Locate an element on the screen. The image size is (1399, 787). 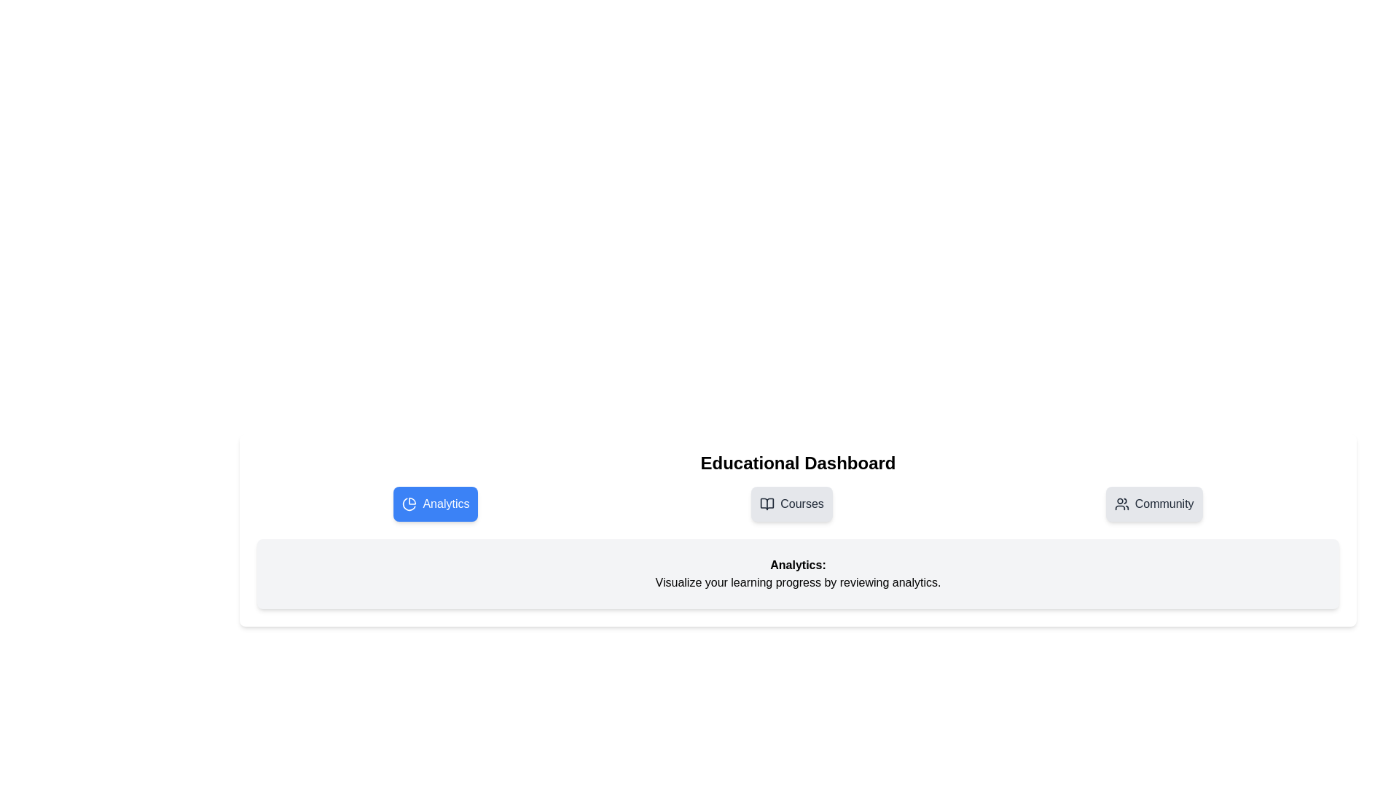
the tab button labeled Community is located at coordinates (1153, 503).